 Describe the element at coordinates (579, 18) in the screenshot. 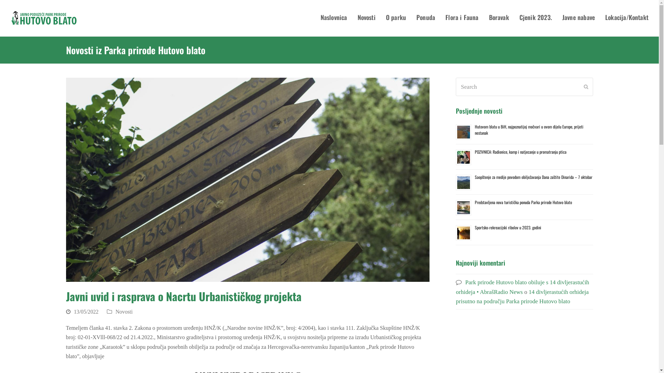

I see `'Javne nabave'` at that location.